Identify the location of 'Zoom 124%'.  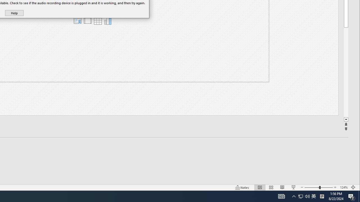
(343, 187).